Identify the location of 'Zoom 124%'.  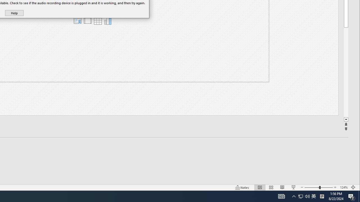
(343, 187).